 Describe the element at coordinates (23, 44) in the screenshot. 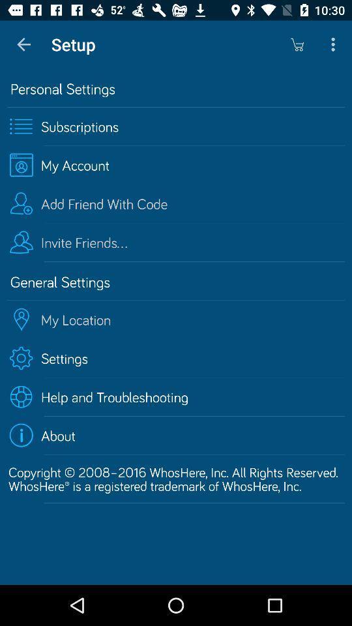

I see `app to the left of setup icon` at that location.